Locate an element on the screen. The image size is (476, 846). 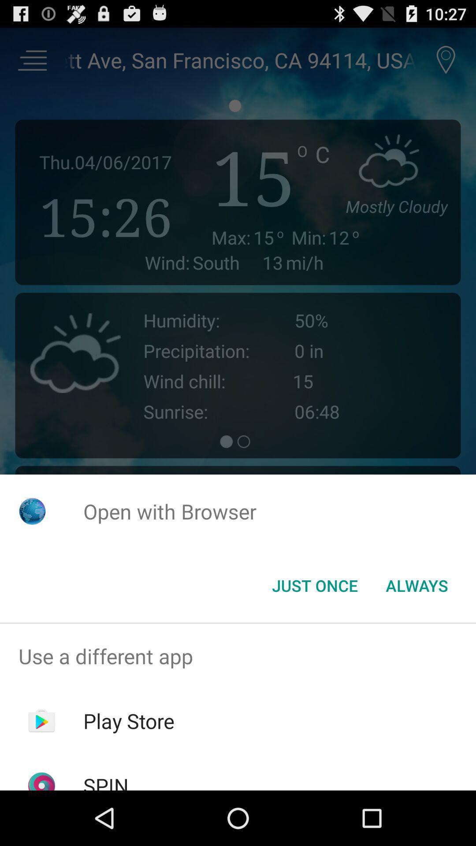
the app below use a different is located at coordinates (129, 721).